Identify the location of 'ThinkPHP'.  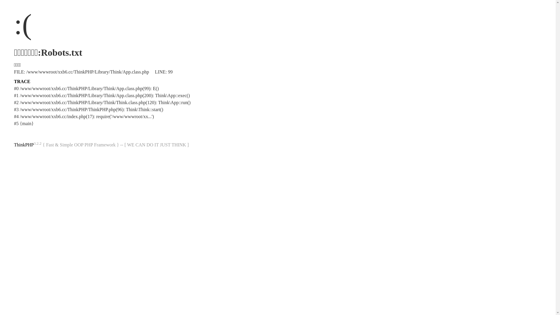
(23, 144).